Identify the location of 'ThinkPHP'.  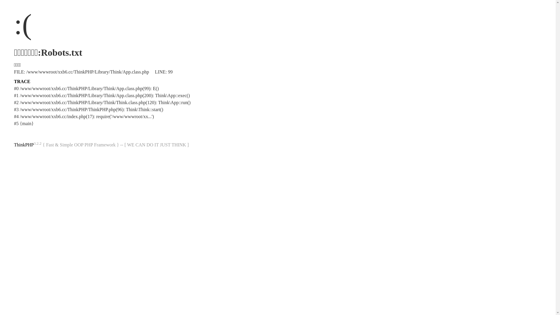
(23, 144).